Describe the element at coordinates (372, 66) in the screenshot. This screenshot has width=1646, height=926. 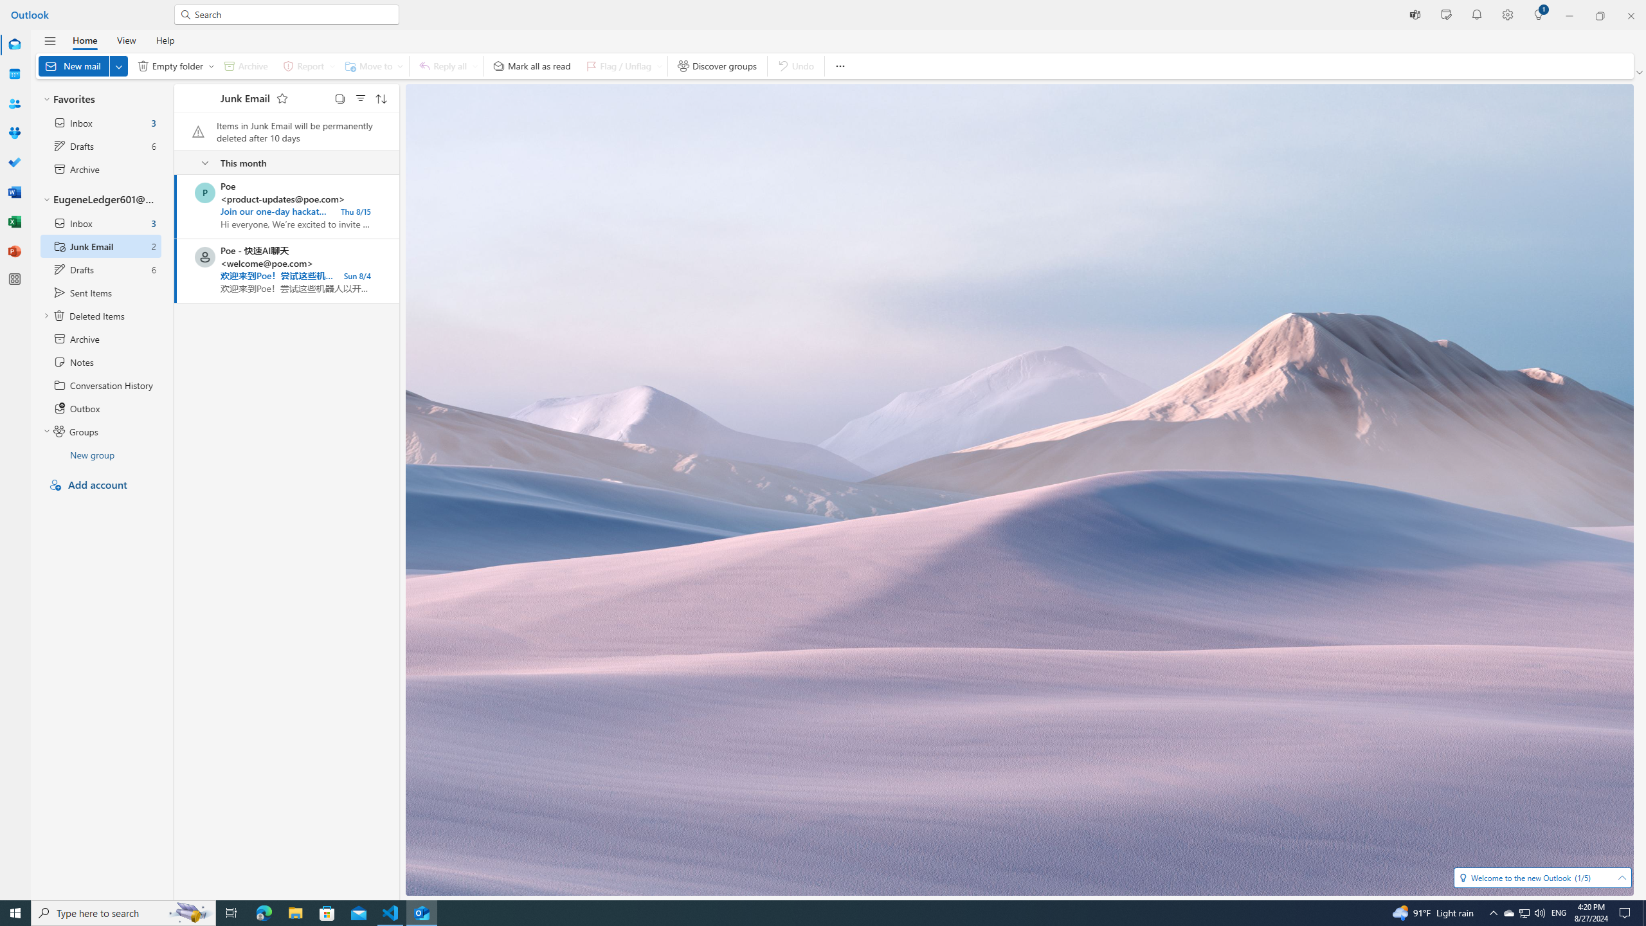
I see `'Move to'` at that location.